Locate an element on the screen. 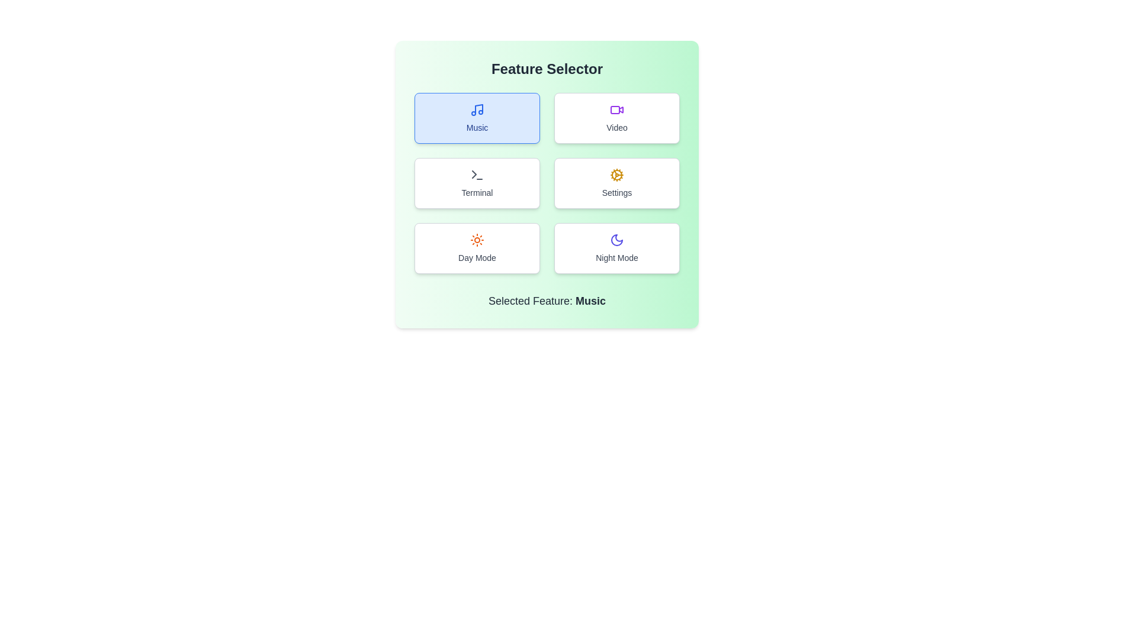 This screenshot has height=639, width=1137. the 'Day Mode' icon is located at coordinates (477, 240).